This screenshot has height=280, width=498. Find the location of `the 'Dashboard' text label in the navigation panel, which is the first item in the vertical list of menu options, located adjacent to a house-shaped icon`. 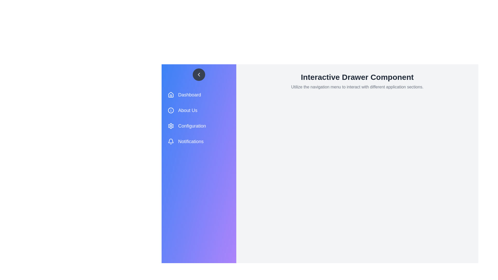

the 'Dashboard' text label in the navigation panel, which is the first item in the vertical list of menu options, located adjacent to a house-shaped icon is located at coordinates (189, 95).